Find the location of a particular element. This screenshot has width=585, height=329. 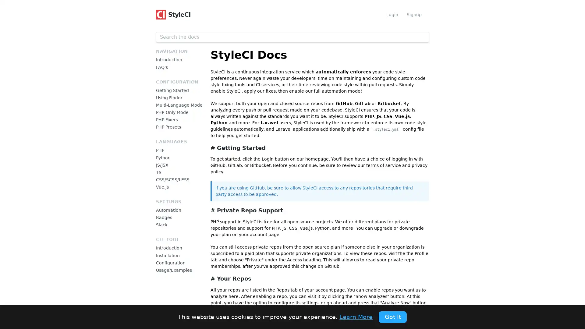

Got It is located at coordinates (392, 317).